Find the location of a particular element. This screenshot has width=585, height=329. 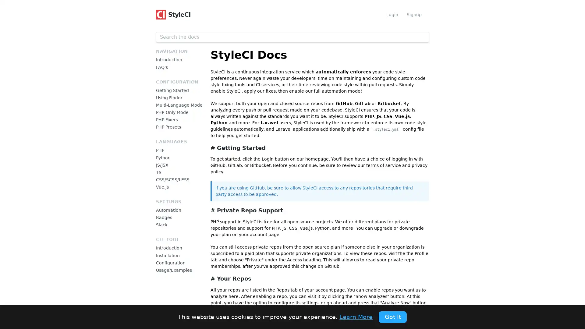

Got It is located at coordinates (392, 317).